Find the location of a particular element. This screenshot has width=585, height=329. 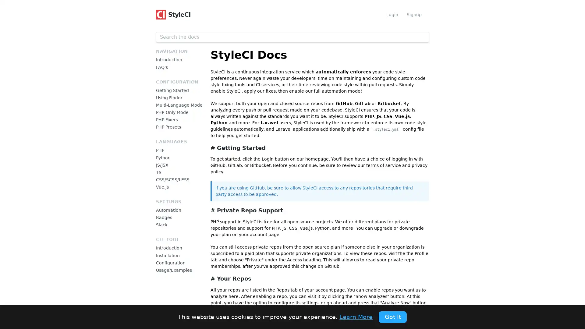

Got It is located at coordinates (392, 317).